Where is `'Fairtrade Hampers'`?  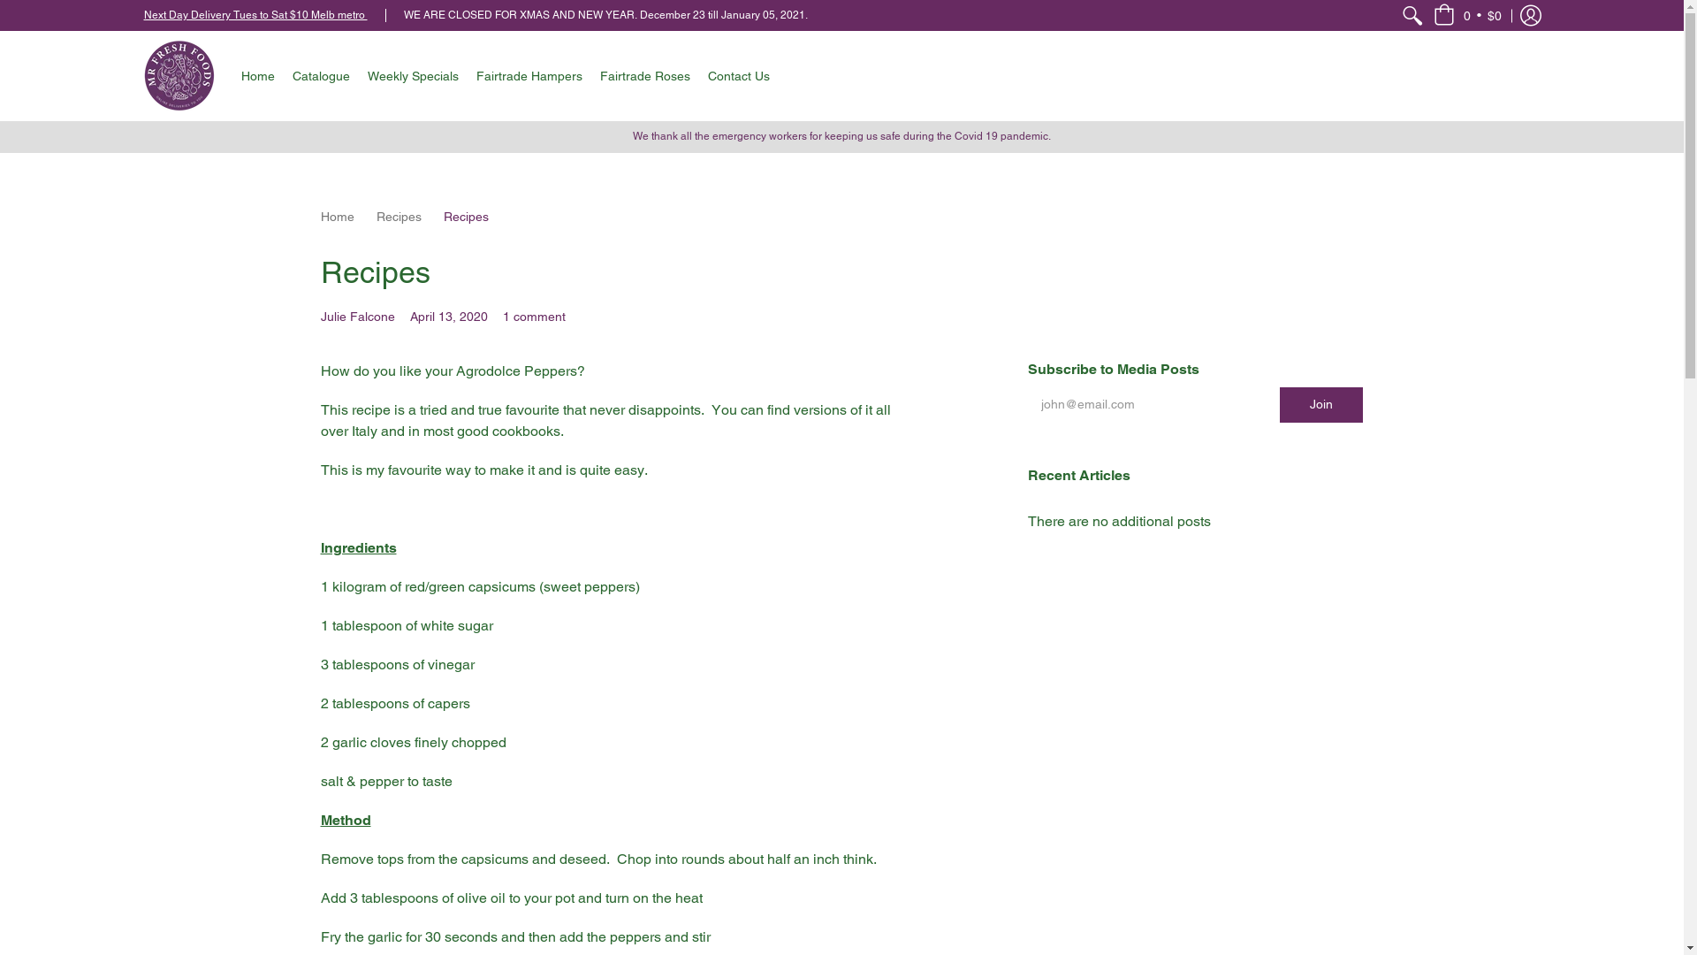 'Fairtrade Hampers' is located at coordinates (528, 74).